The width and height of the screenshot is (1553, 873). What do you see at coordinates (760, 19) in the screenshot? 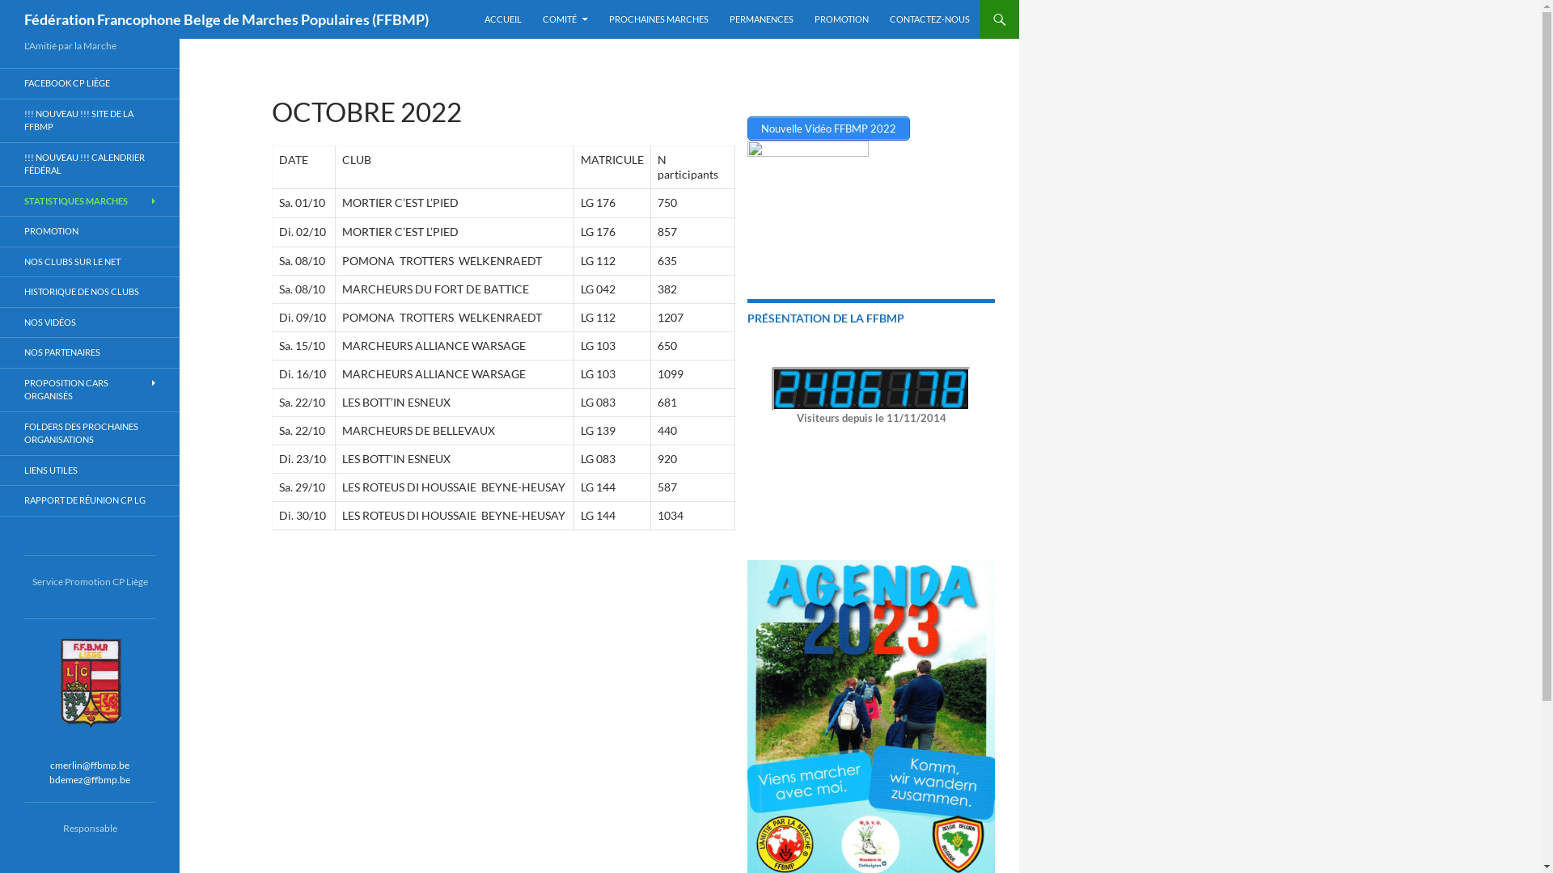
I see `'PERMANENCES'` at bounding box center [760, 19].